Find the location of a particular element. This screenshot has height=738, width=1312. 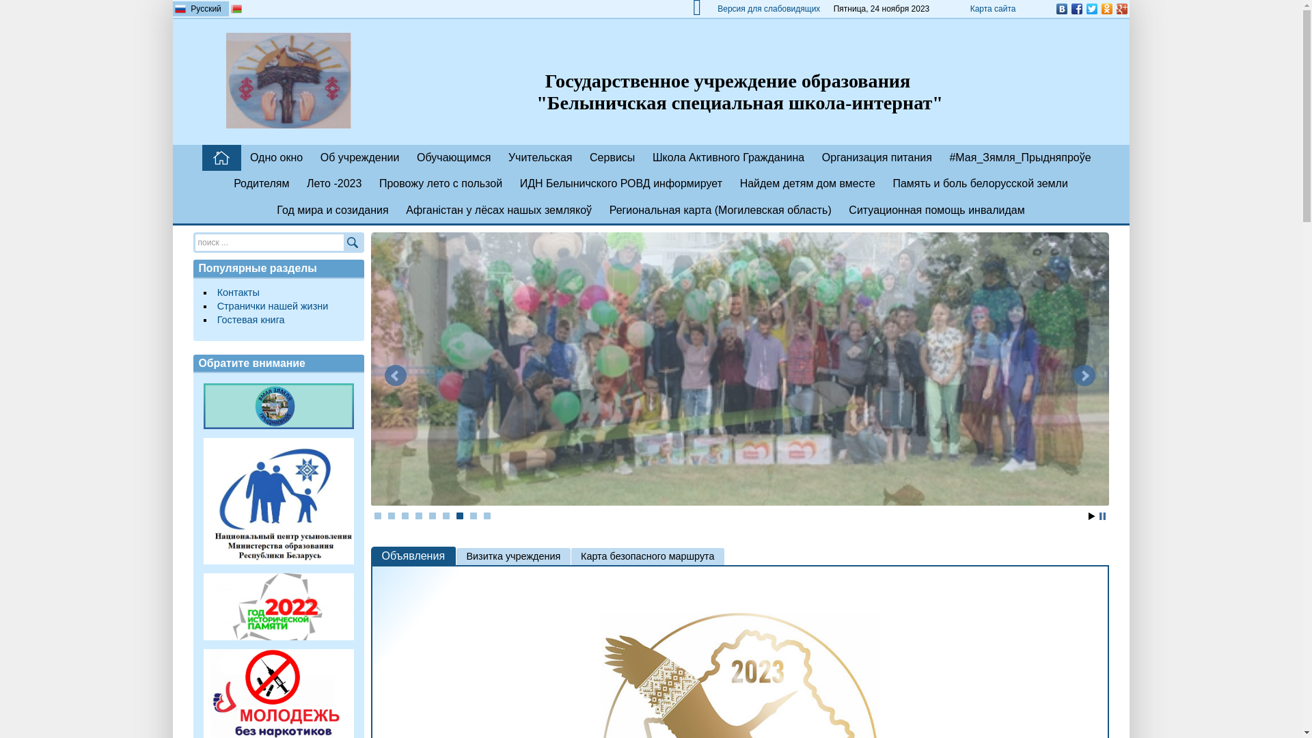

'Next' is located at coordinates (1082, 376).